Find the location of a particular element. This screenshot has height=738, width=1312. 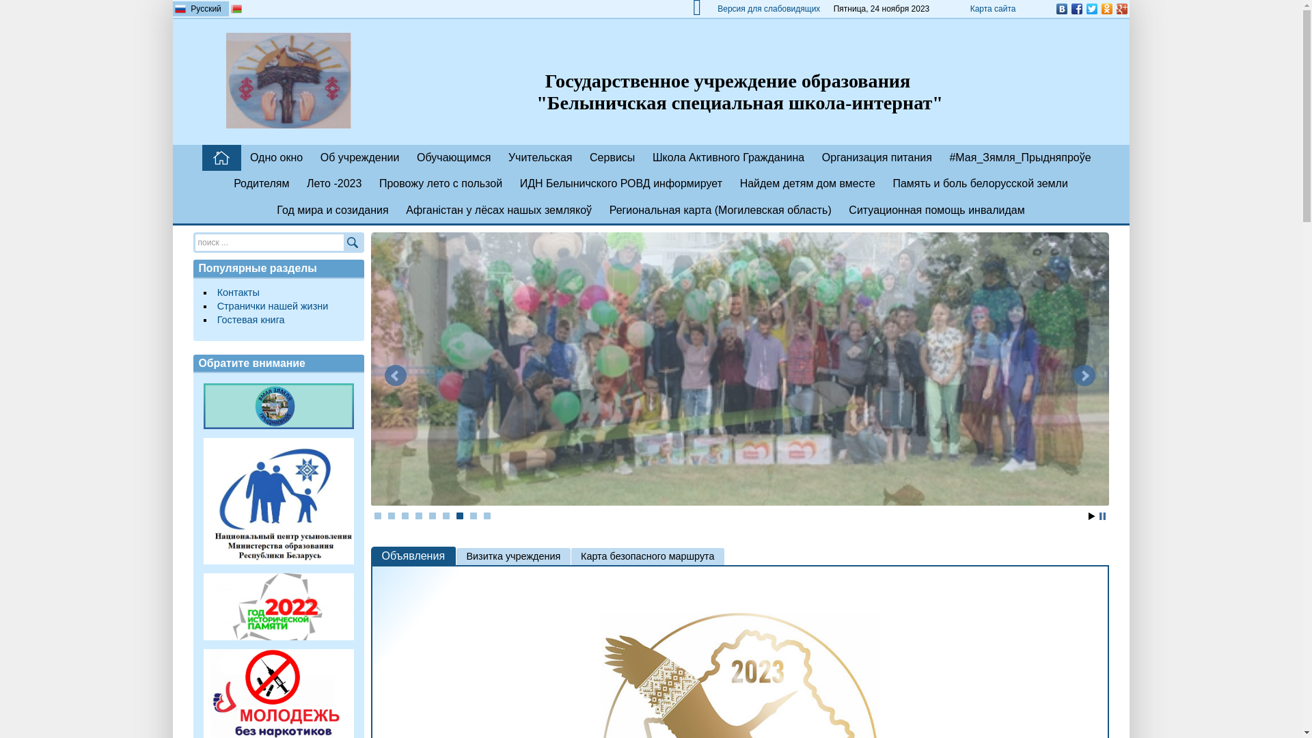

'Next' is located at coordinates (1082, 376).